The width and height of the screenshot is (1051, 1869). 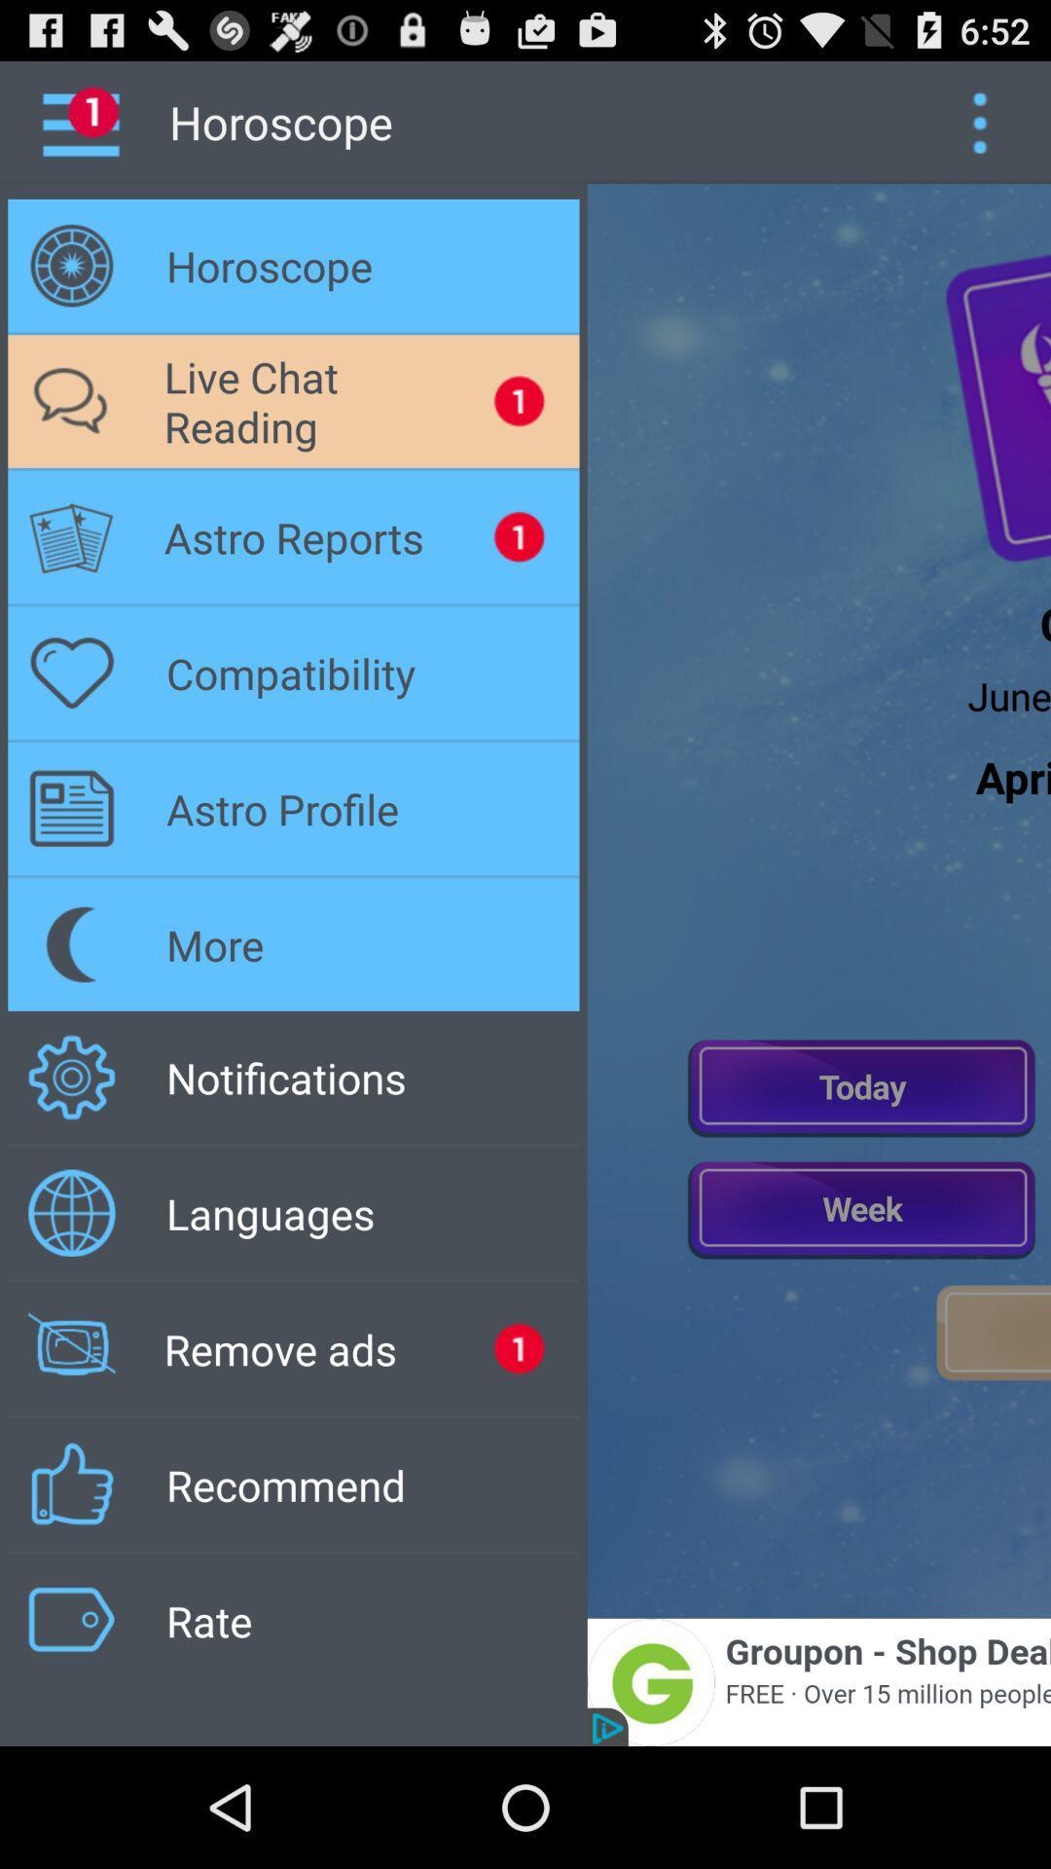 I want to click on open options, so click(x=979, y=121).